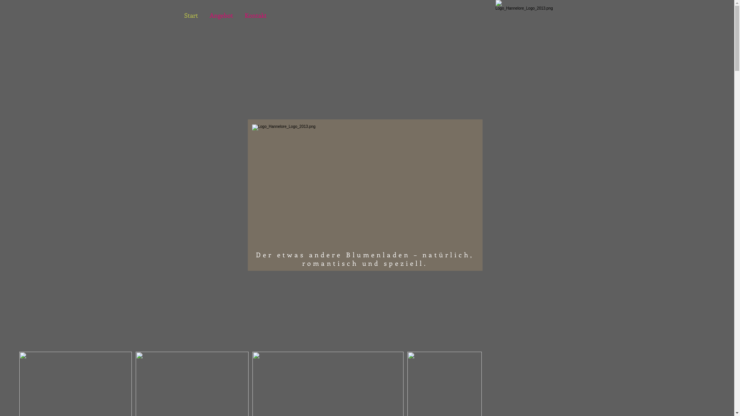 Image resolution: width=740 pixels, height=416 pixels. Describe the element at coordinates (177, 15) in the screenshot. I see `'Start'` at that location.